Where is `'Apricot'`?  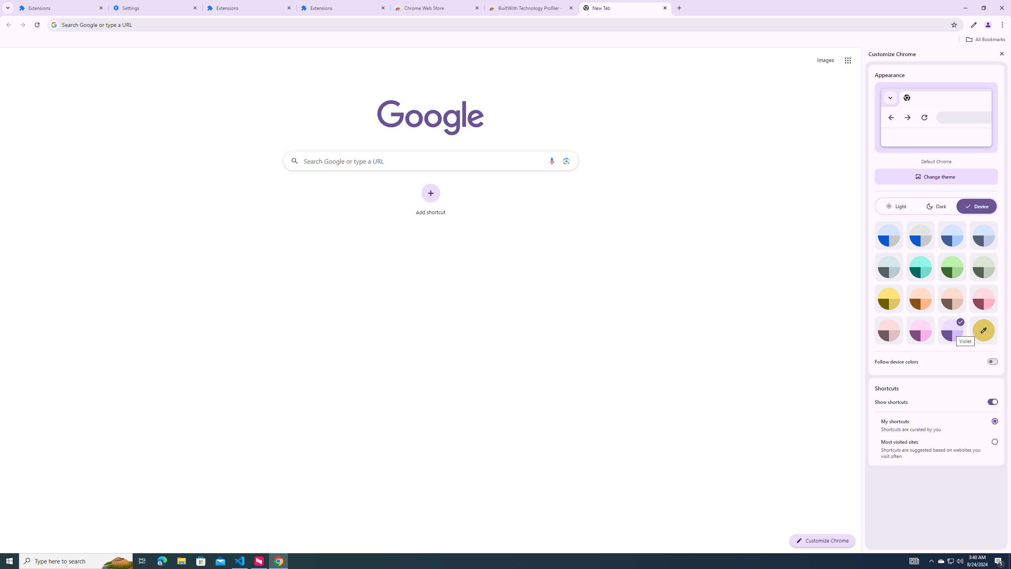 'Apricot' is located at coordinates (952, 298).